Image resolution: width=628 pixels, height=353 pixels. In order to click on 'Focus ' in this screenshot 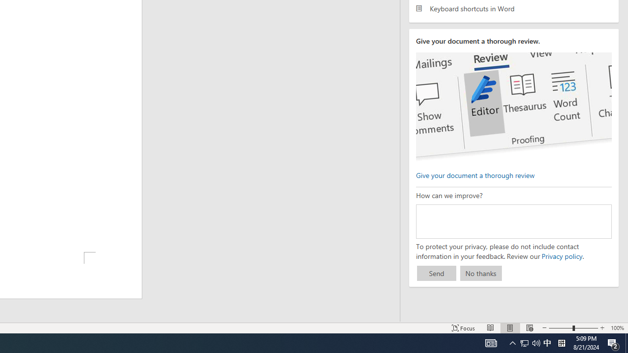, I will do `click(463, 328)`.